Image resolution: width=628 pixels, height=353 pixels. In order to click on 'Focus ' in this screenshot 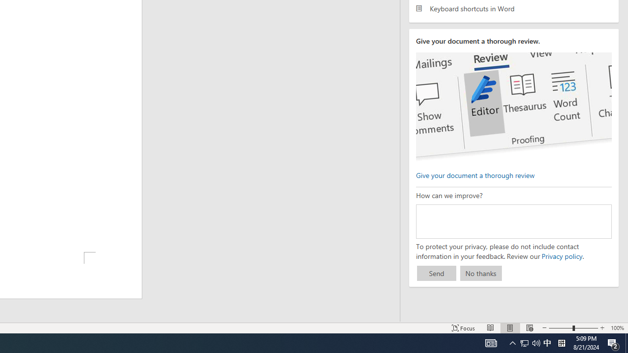, I will do `click(463, 328)`.